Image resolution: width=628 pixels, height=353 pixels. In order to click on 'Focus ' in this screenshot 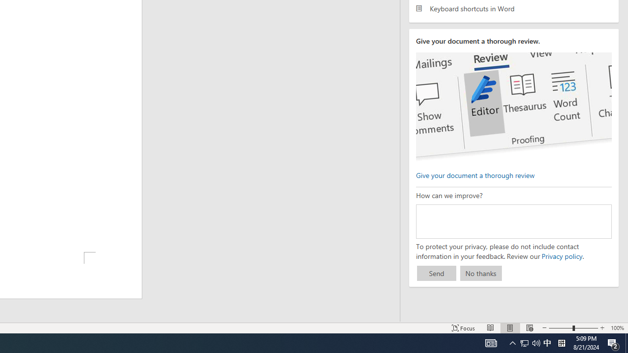, I will do `click(463, 328)`.